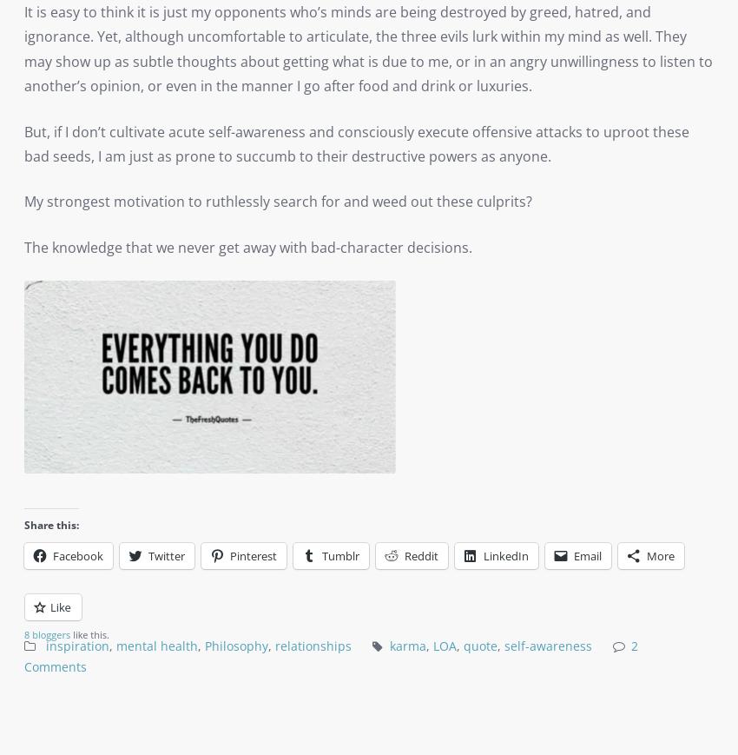 This screenshot has height=755, width=738. I want to click on 'Facebook', so click(77, 554).